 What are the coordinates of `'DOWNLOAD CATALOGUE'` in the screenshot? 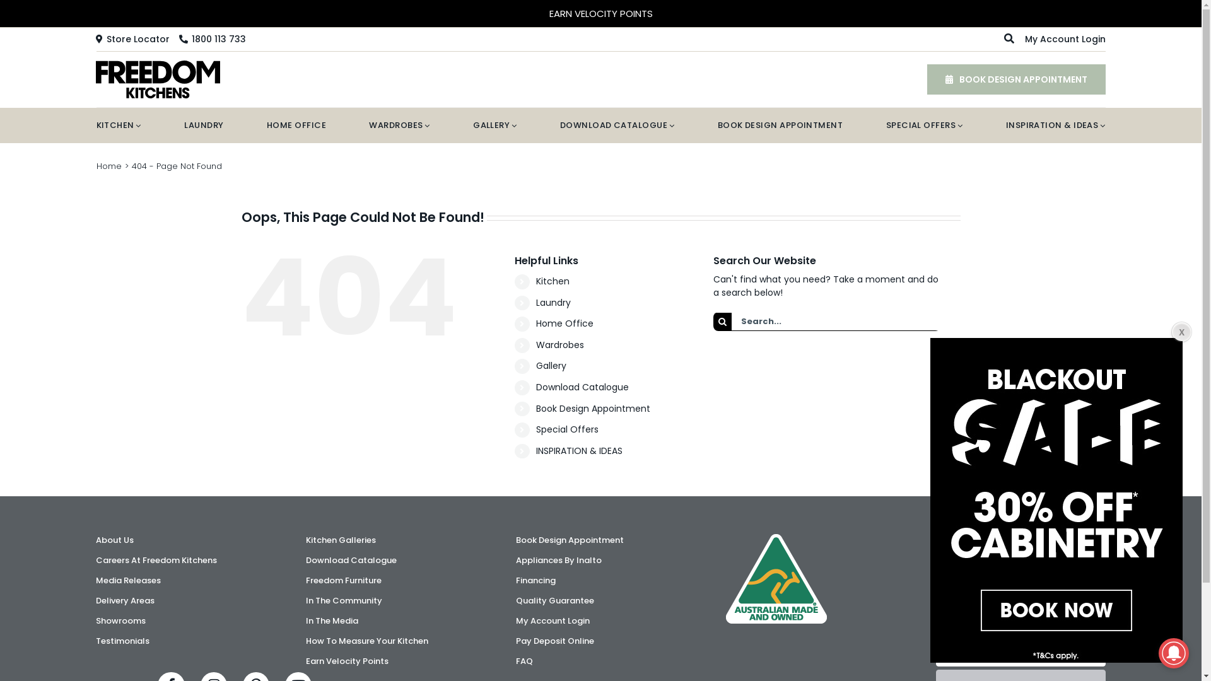 It's located at (617, 125).